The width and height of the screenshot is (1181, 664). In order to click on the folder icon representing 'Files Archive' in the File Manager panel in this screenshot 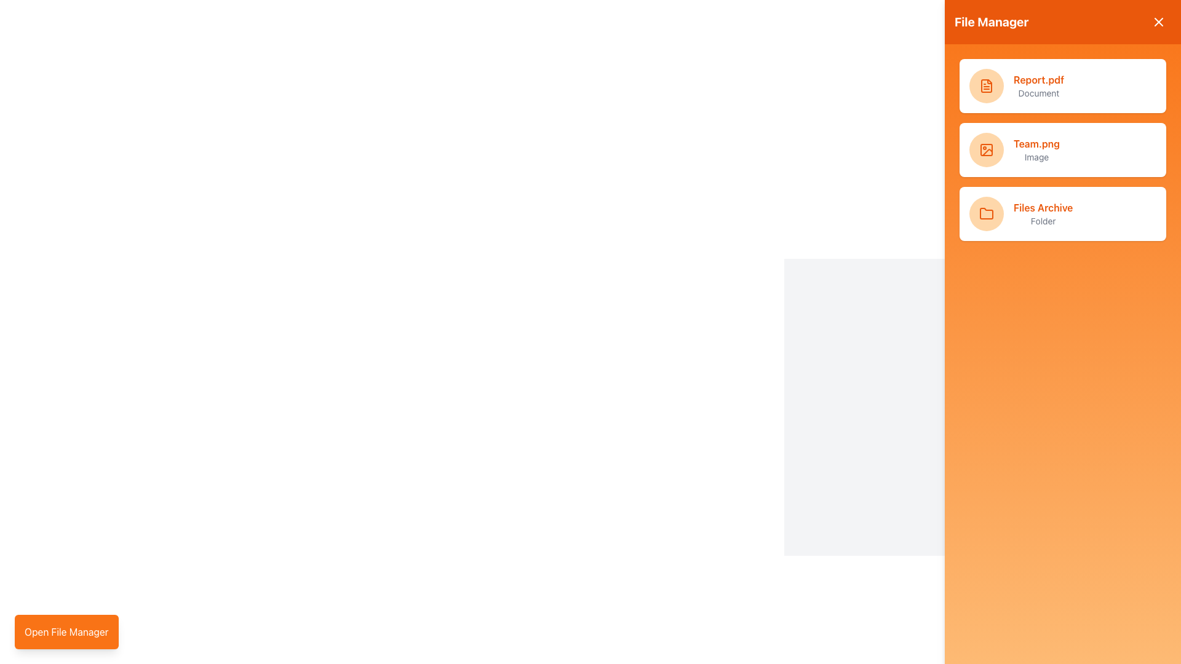, I will do `click(986, 213)`.